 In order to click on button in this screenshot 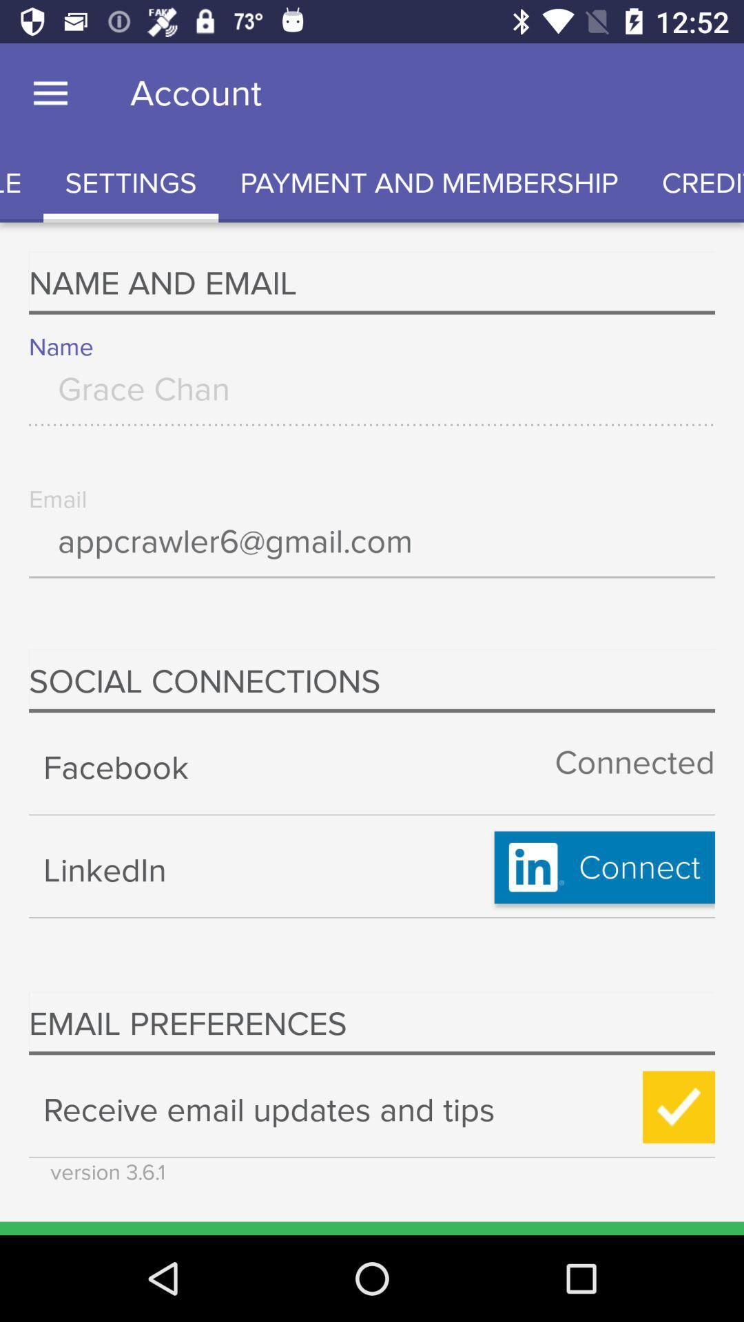, I will do `click(678, 1107)`.